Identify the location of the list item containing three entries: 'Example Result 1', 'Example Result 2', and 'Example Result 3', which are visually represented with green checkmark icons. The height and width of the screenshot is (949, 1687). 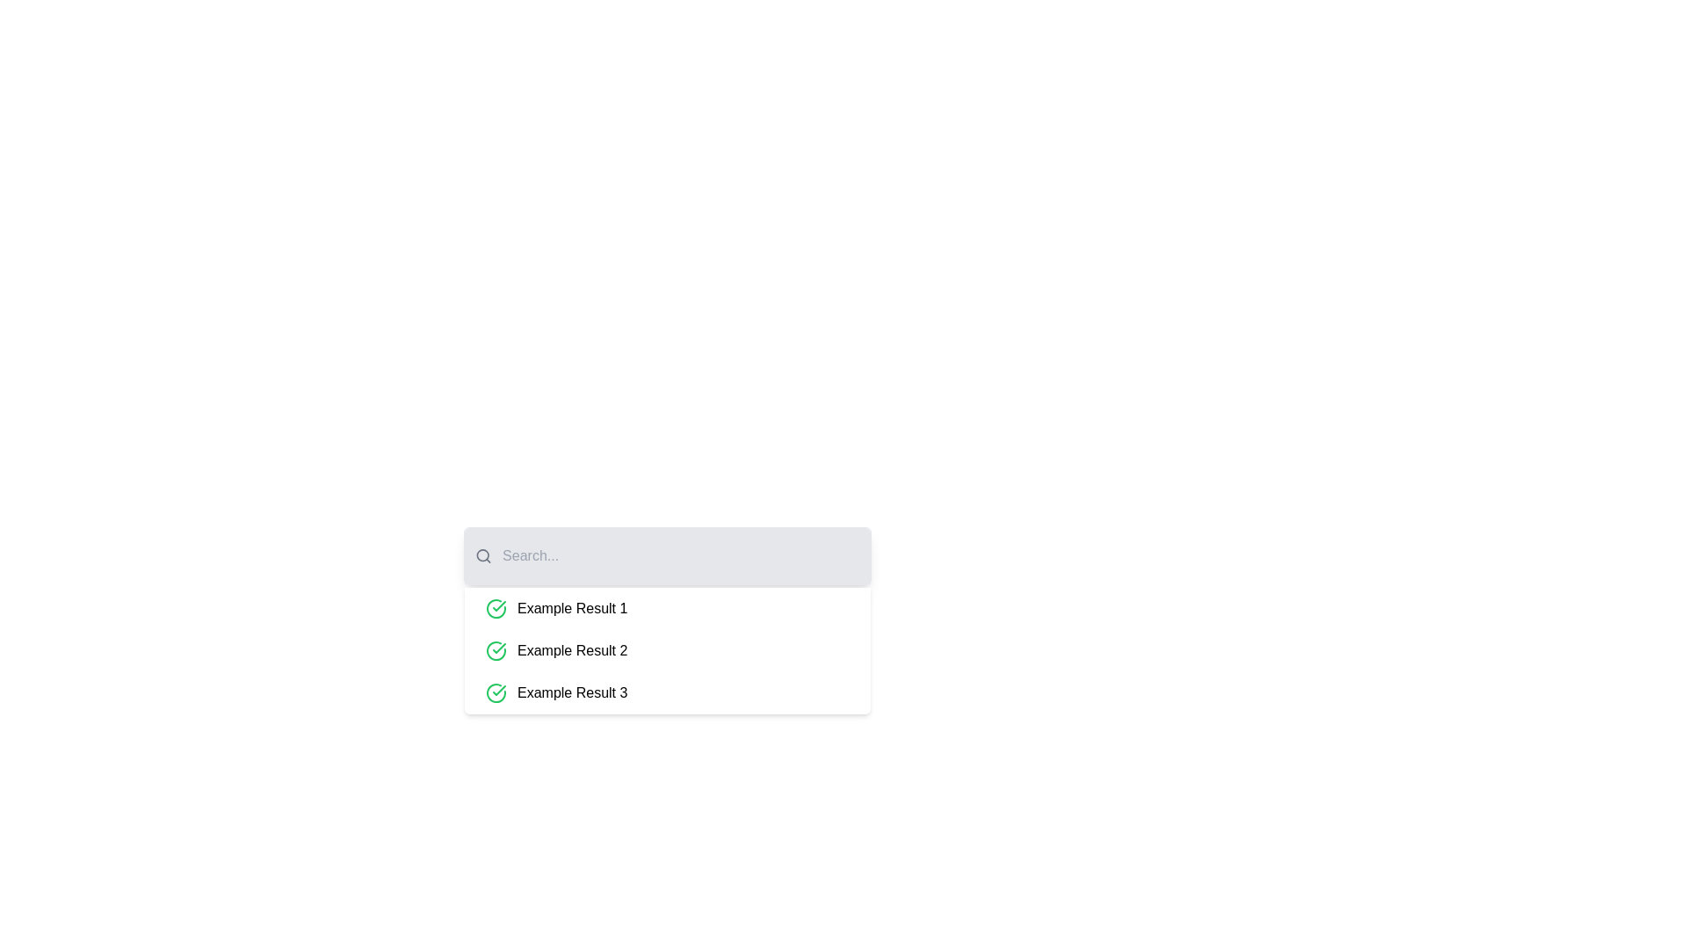
(666, 650).